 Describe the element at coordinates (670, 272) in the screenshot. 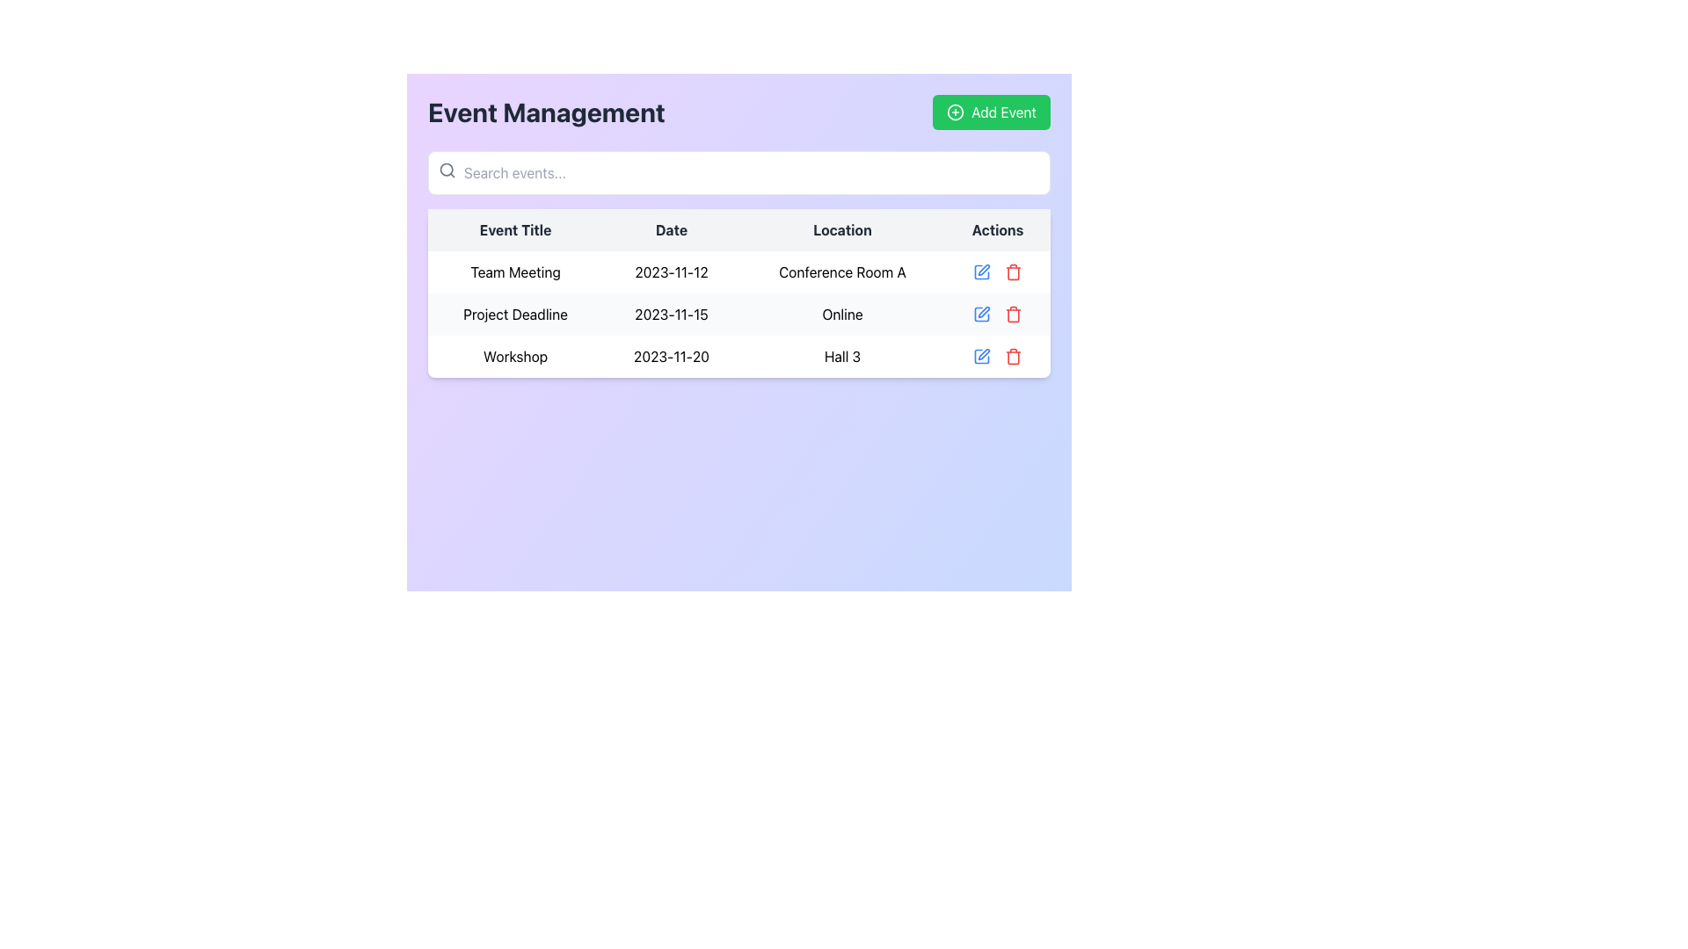

I see `the static text displaying '2023-11-12', which is located in the second column of the row labeled 'Team Meeting' and to the left of 'Conference Room A'` at that location.